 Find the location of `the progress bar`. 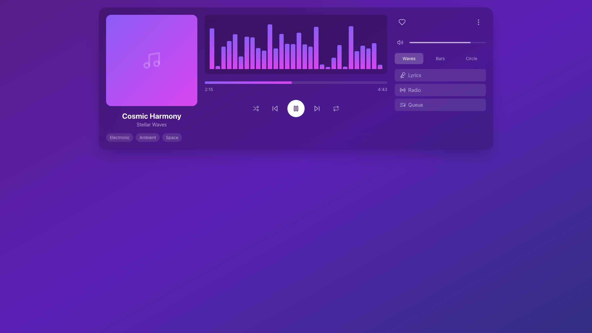

the progress bar is located at coordinates (210, 82).